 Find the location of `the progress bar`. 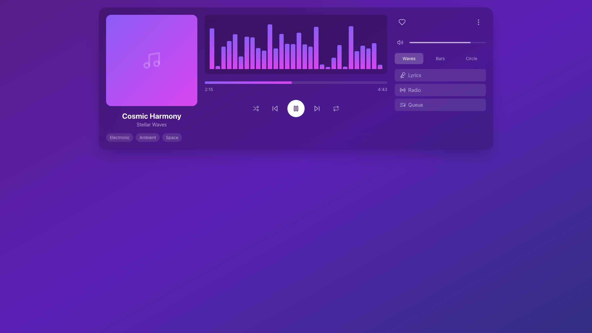

the progress bar is located at coordinates (210, 82).